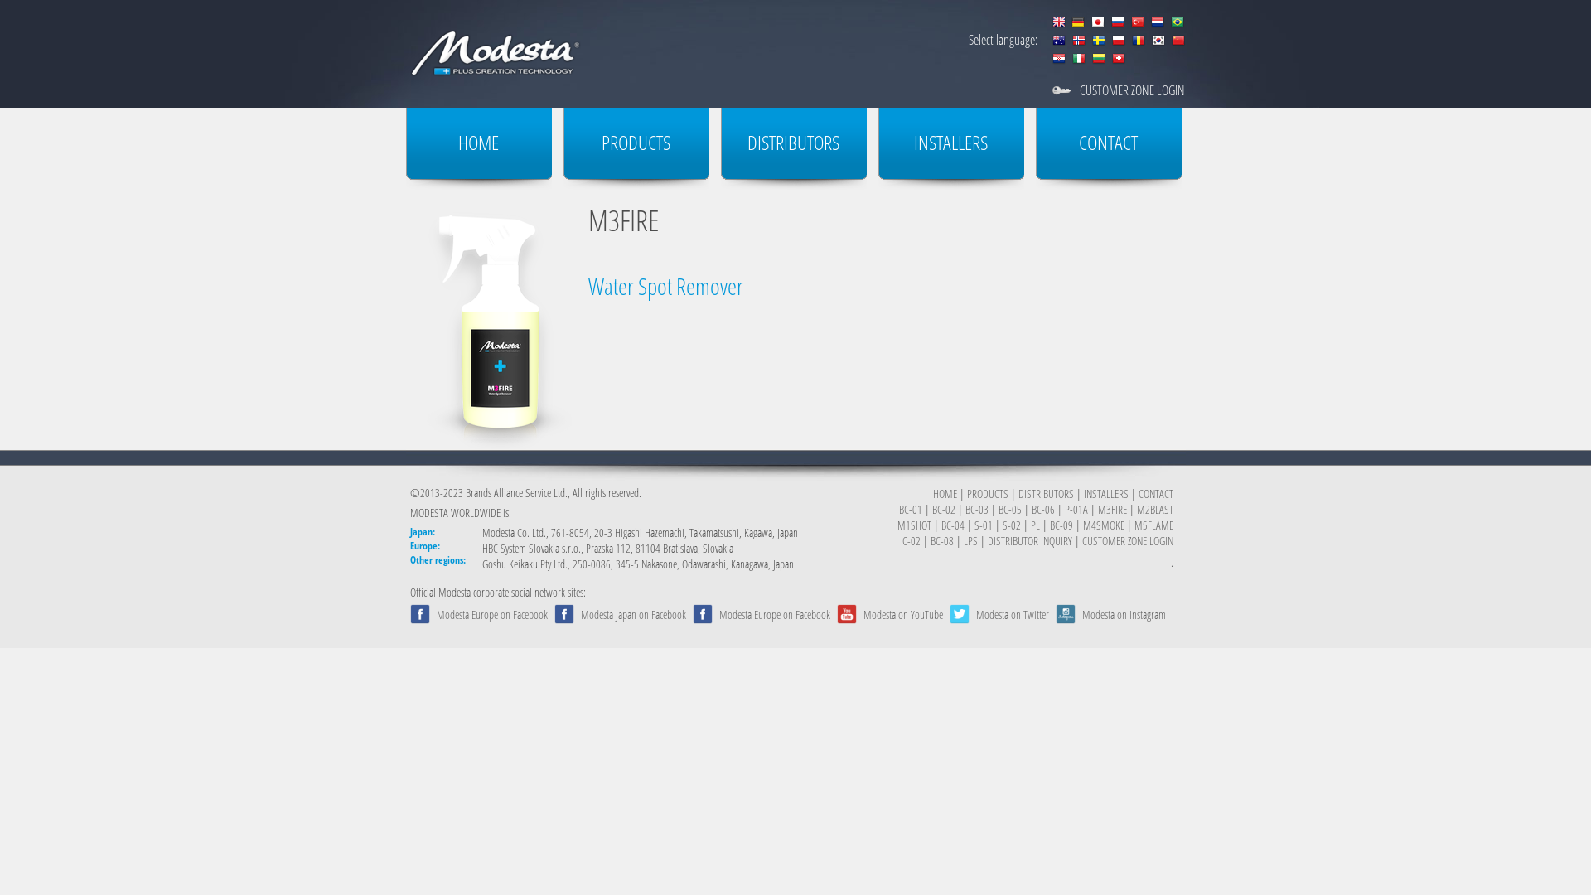  What do you see at coordinates (1010, 525) in the screenshot?
I see `'S-02'` at bounding box center [1010, 525].